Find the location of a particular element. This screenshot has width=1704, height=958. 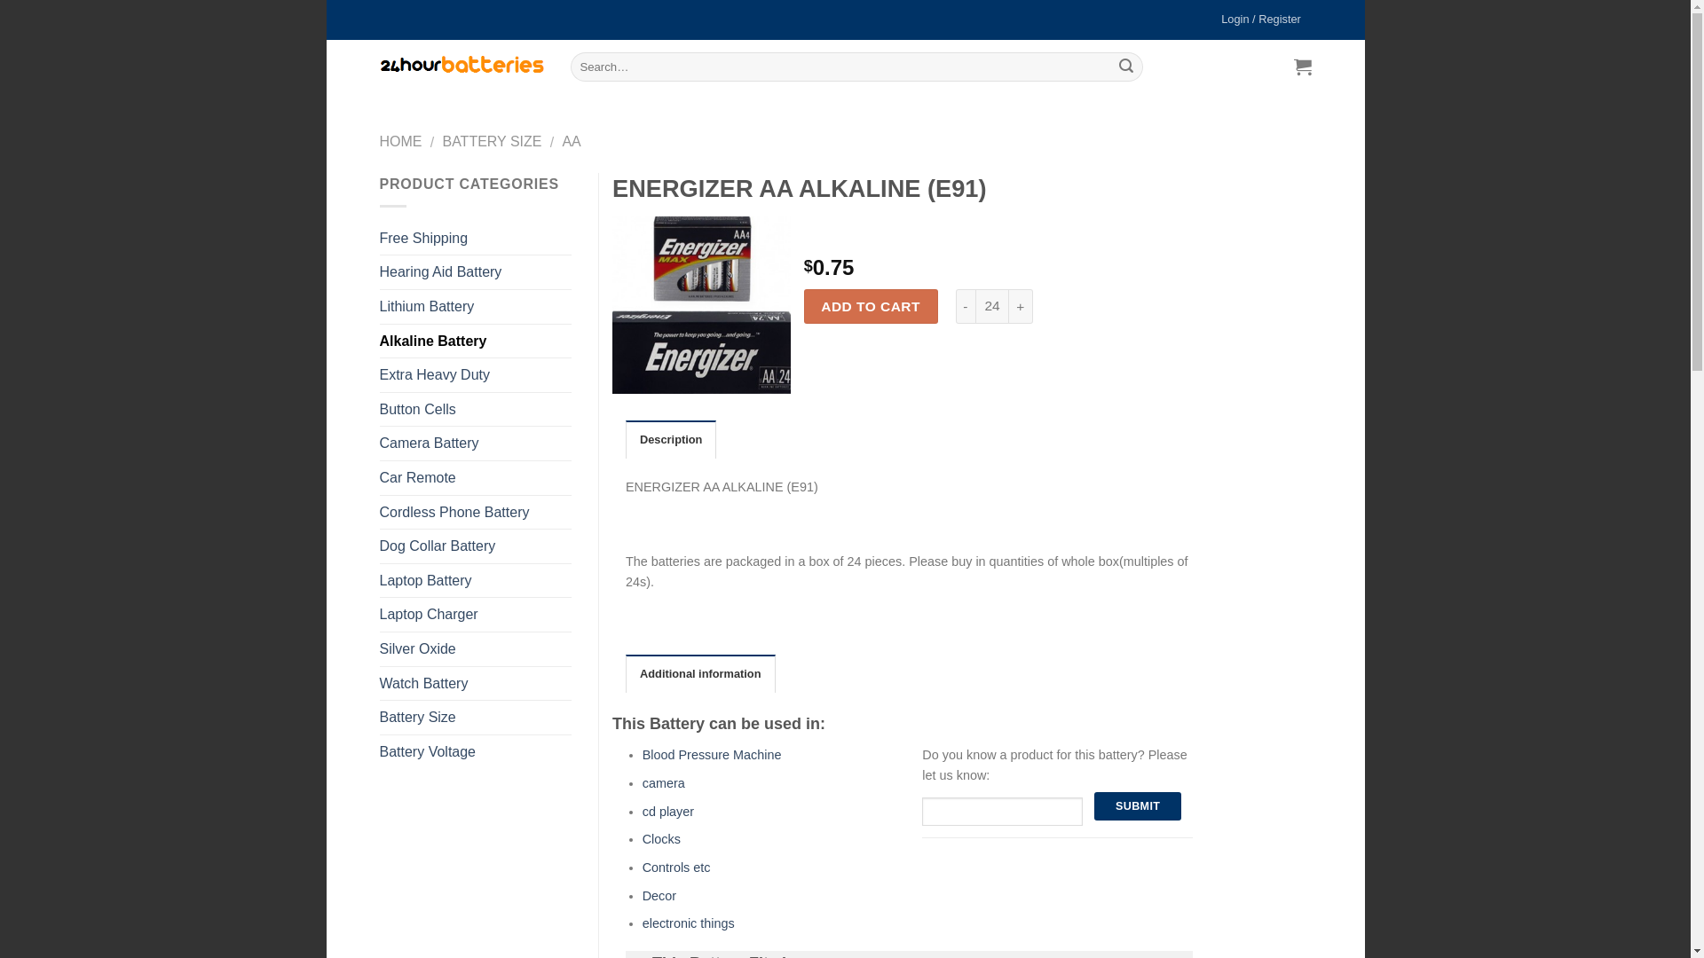

'24Hour Batteries - ' is located at coordinates (461, 65).